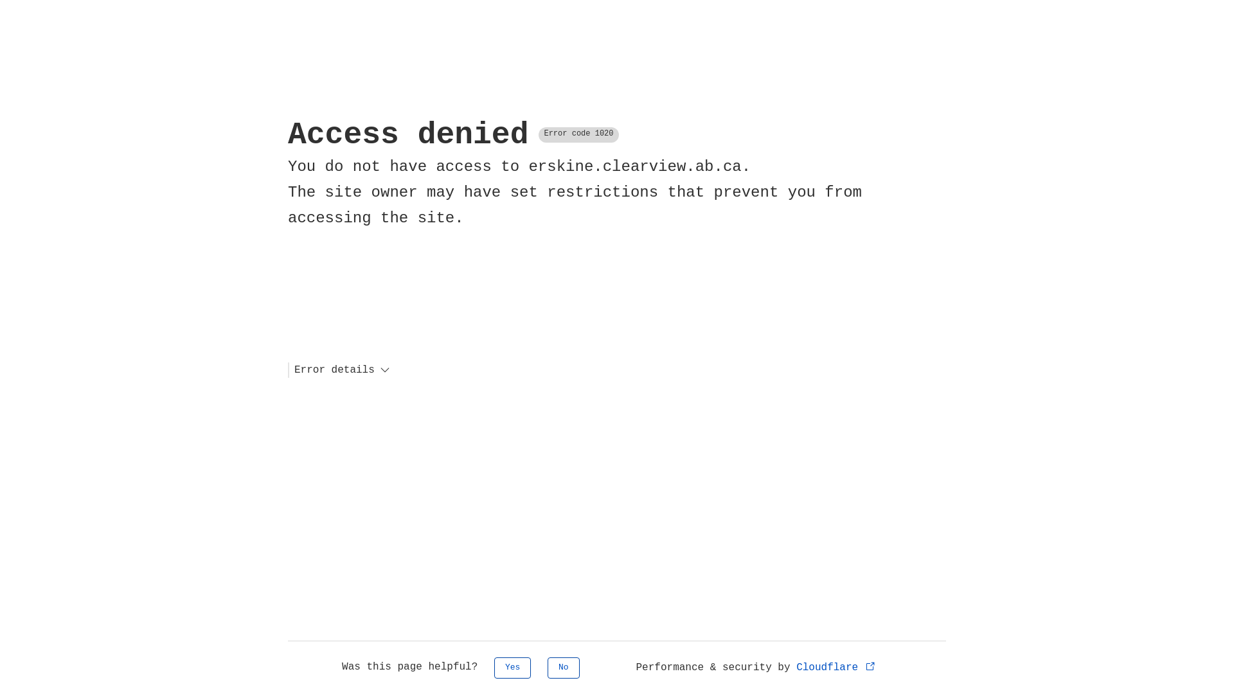 This screenshot has width=1234, height=694. I want to click on 'No', so click(564, 667).